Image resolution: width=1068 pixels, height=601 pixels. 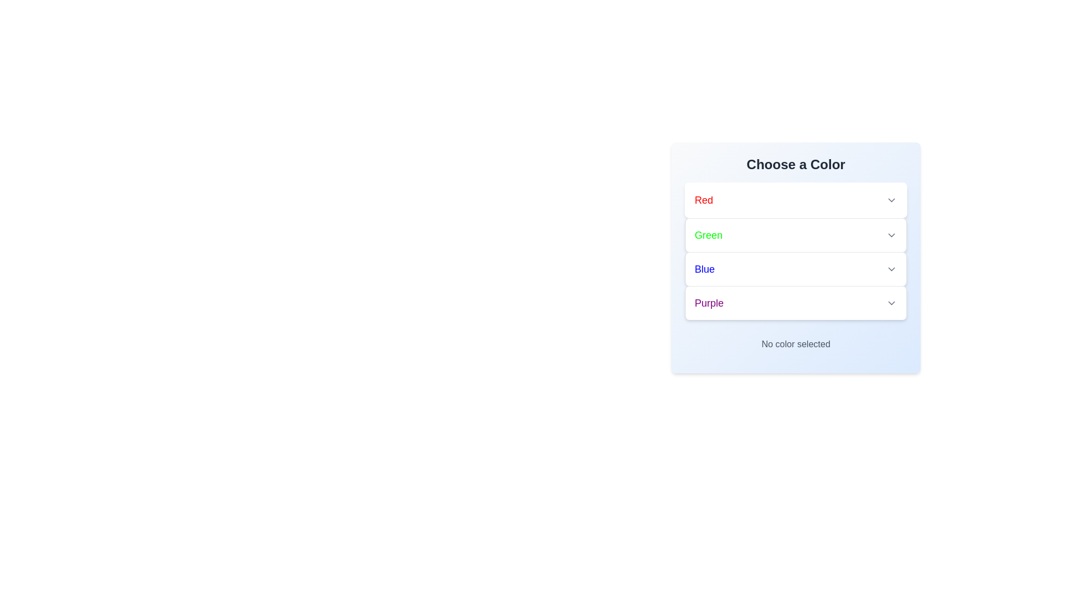 I want to click on the color Blue to select it, so click(x=795, y=269).